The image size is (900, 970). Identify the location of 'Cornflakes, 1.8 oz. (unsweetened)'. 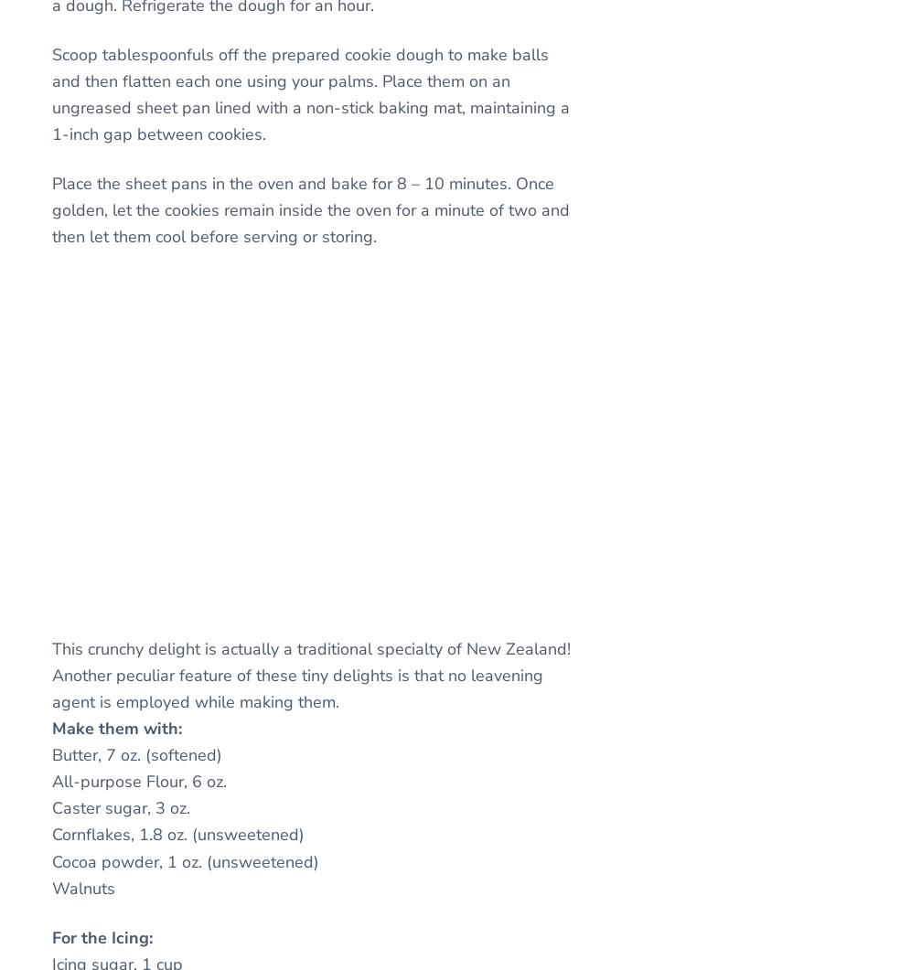
(178, 833).